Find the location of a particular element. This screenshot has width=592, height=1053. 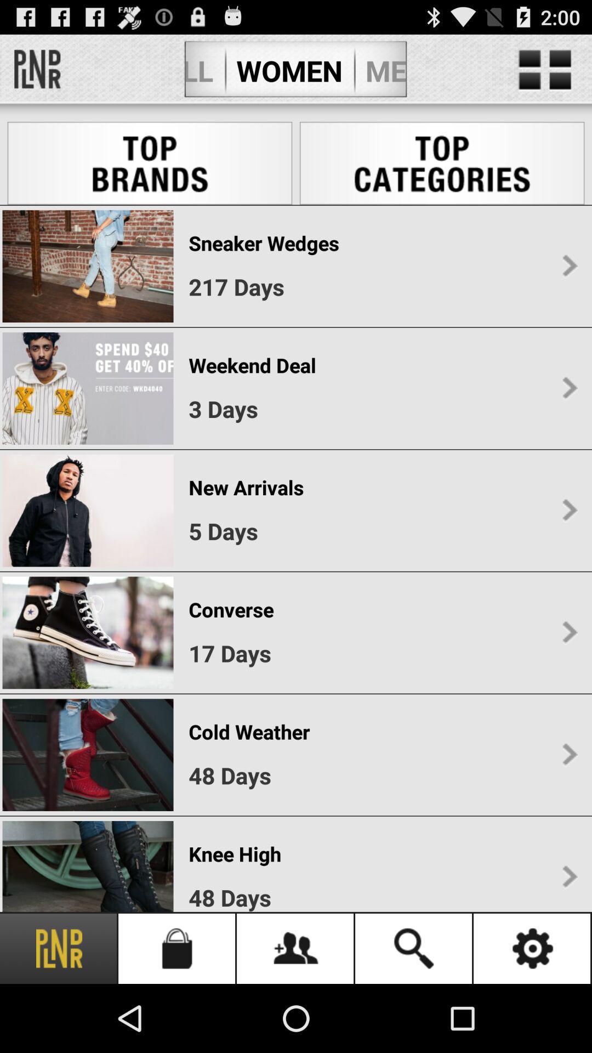

third image is located at coordinates (87, 510).